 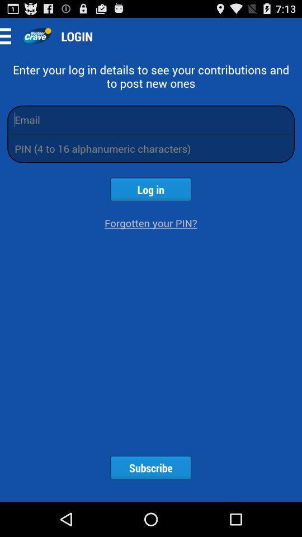 I want to click on pin number, so click(x=151, y=148).